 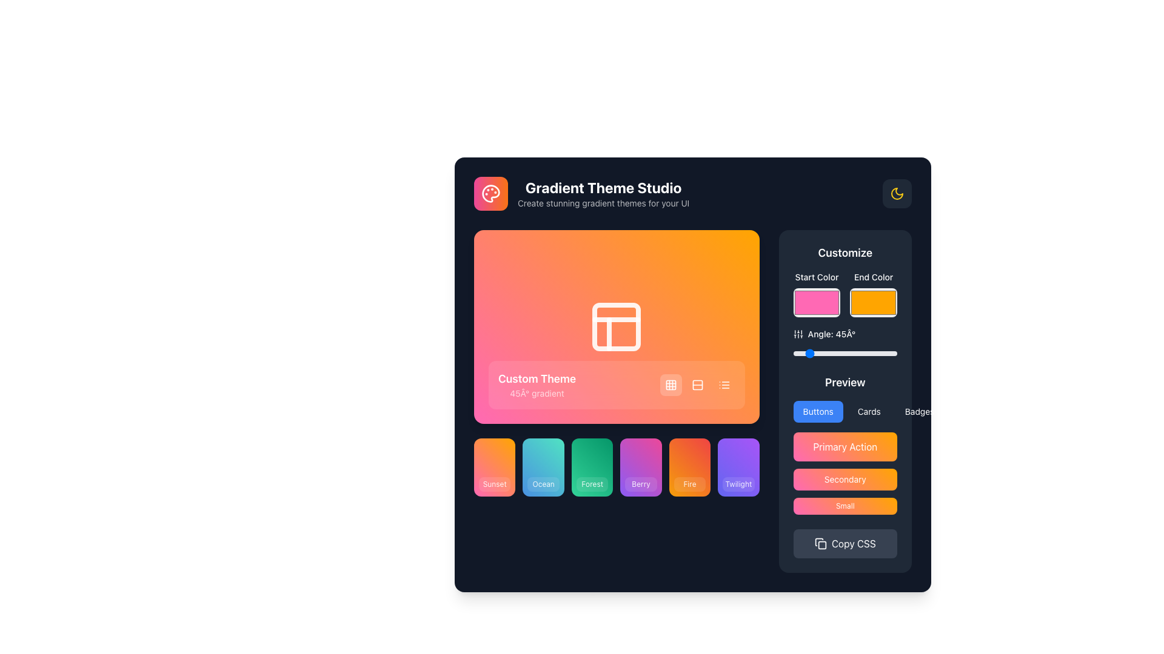 I want to click on angle, so click(x=855, y=353).